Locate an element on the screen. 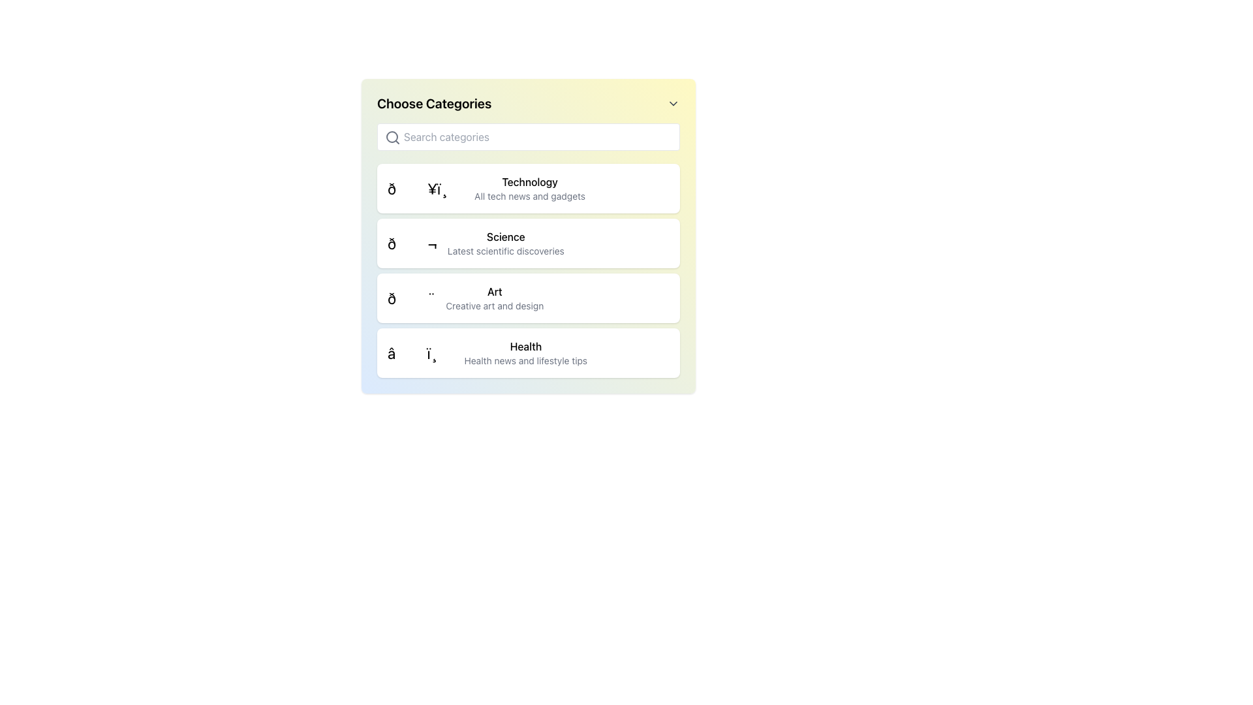 The width and height of the screenshot is (1253, 705). the Category selector element labeled 'Health' is located at coordinates (487, 352).